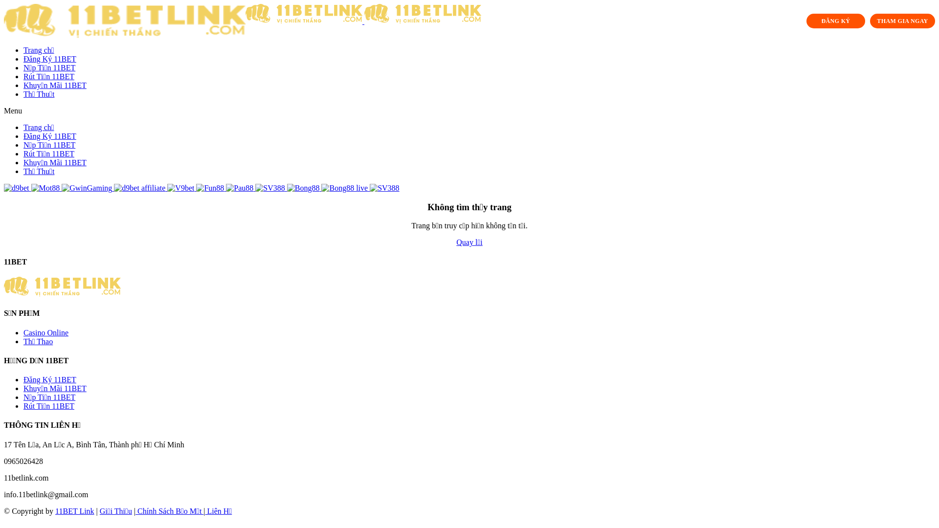 The image size is (939, 528). Describe the element at coordinates (225, 188) in the screenshot. I see `'Pau88'` at that location.